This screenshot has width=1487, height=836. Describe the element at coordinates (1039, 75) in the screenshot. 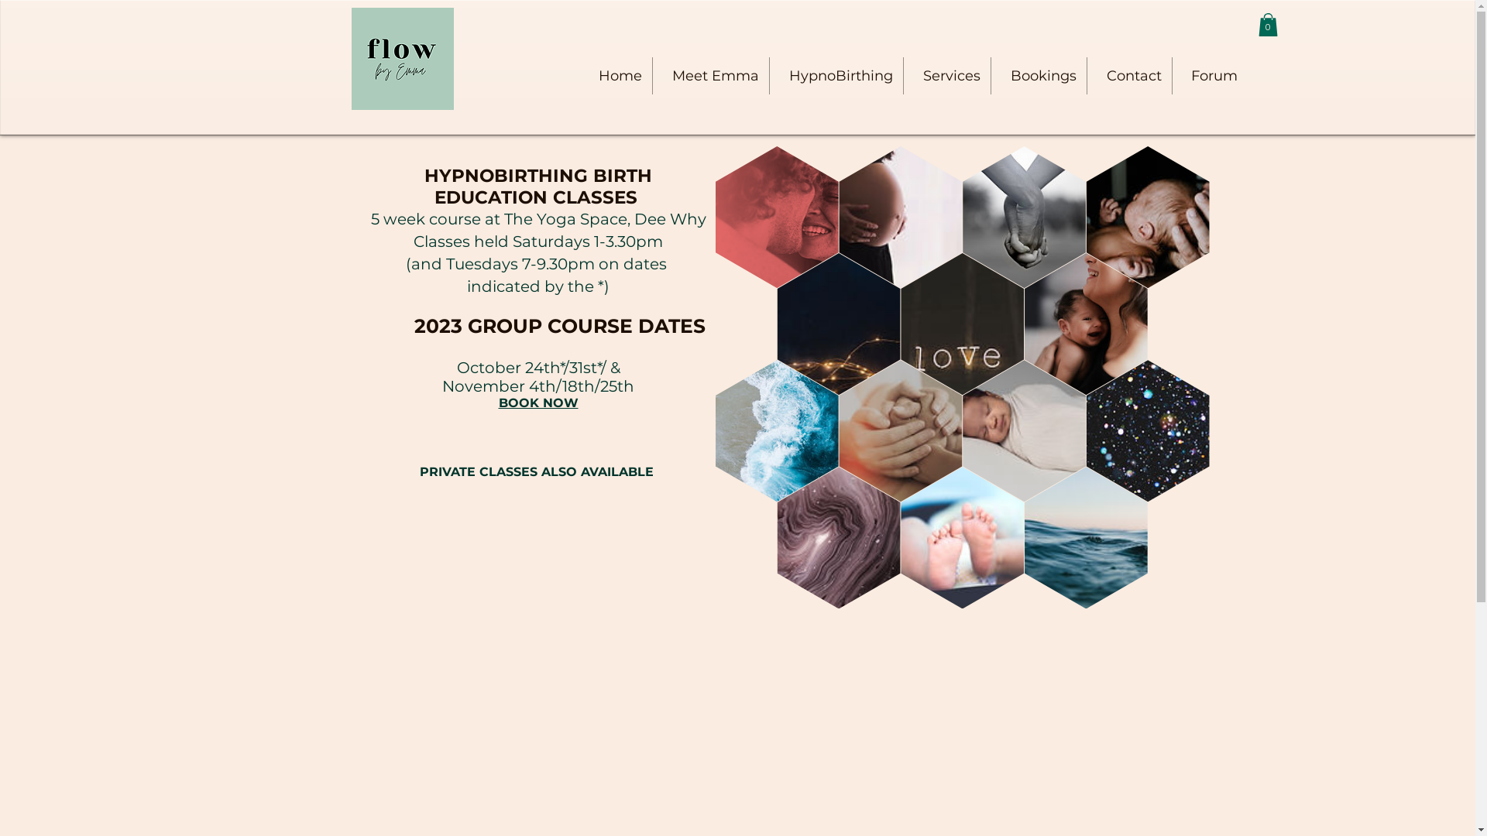

I see `'Bookings'` at that location.